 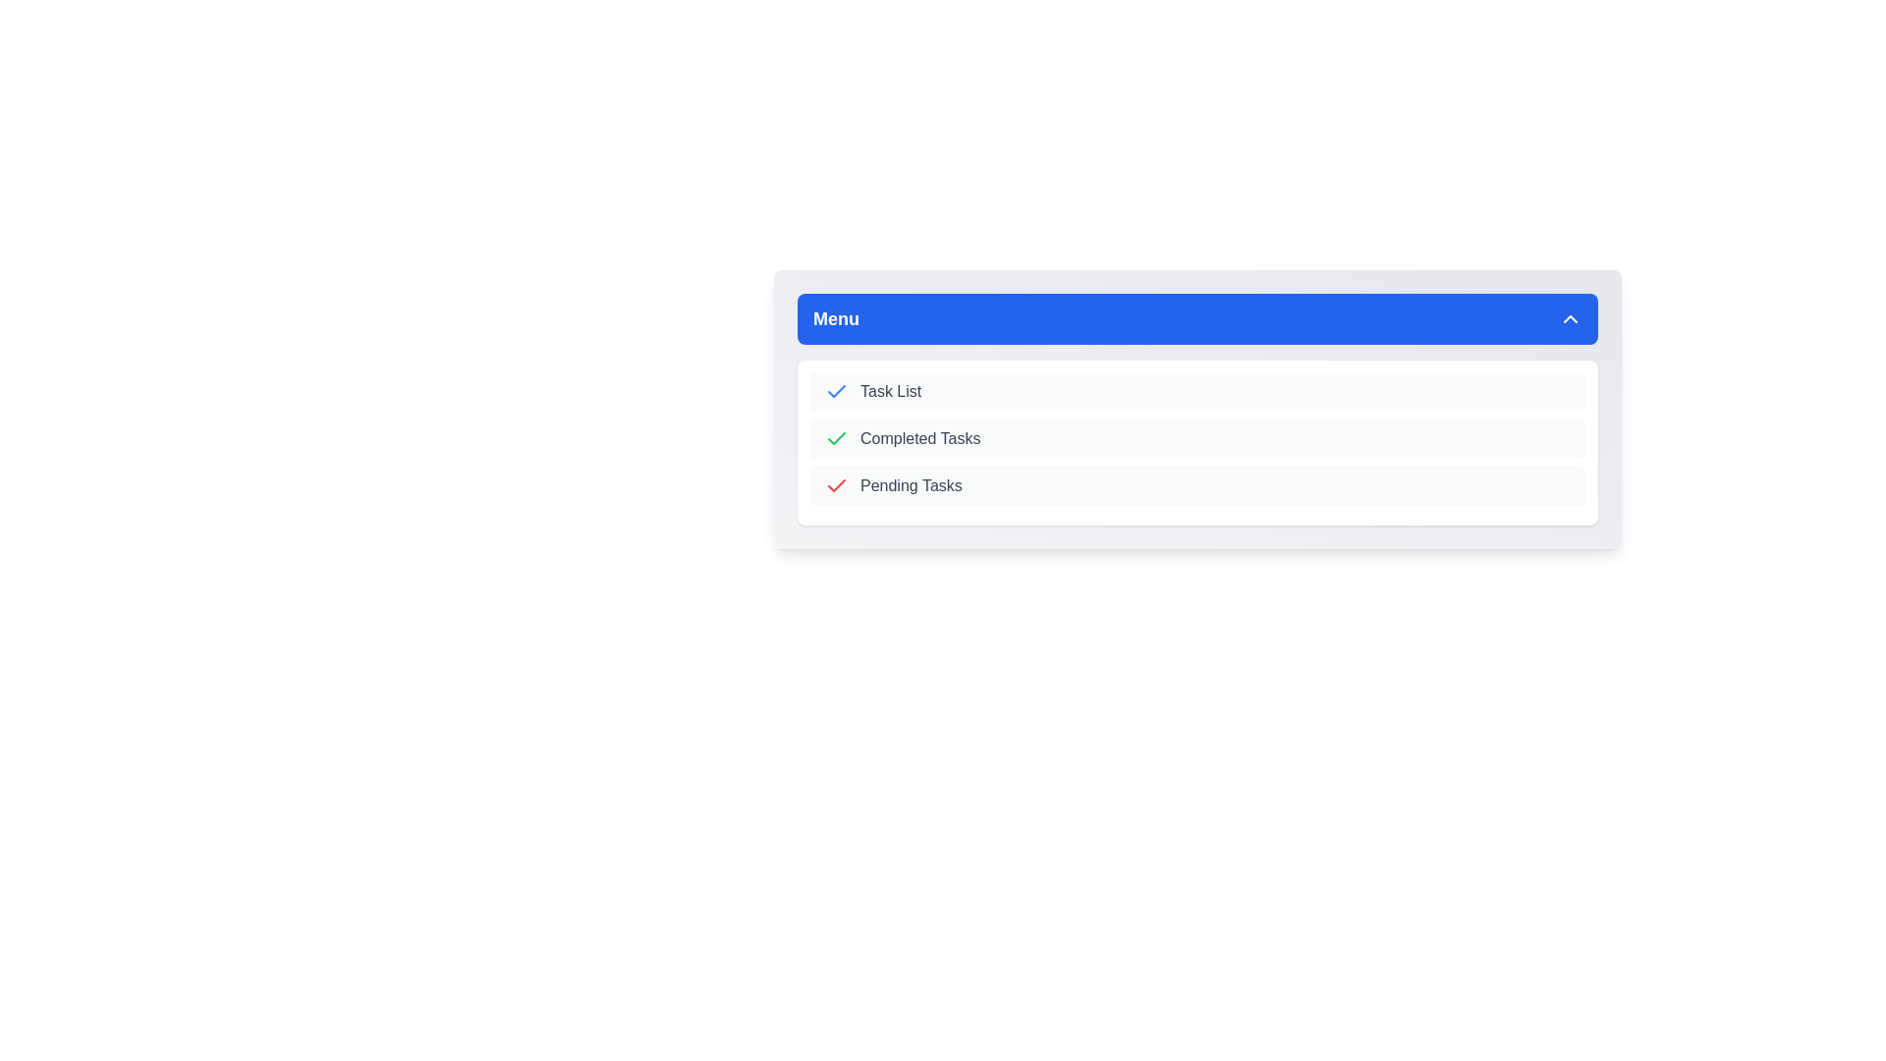 I want to click on styling or properties of the Check Icon located to the left of the 'Pending Tasks' text, which visually indicates the task's pending state, so click(x=836, y=485).